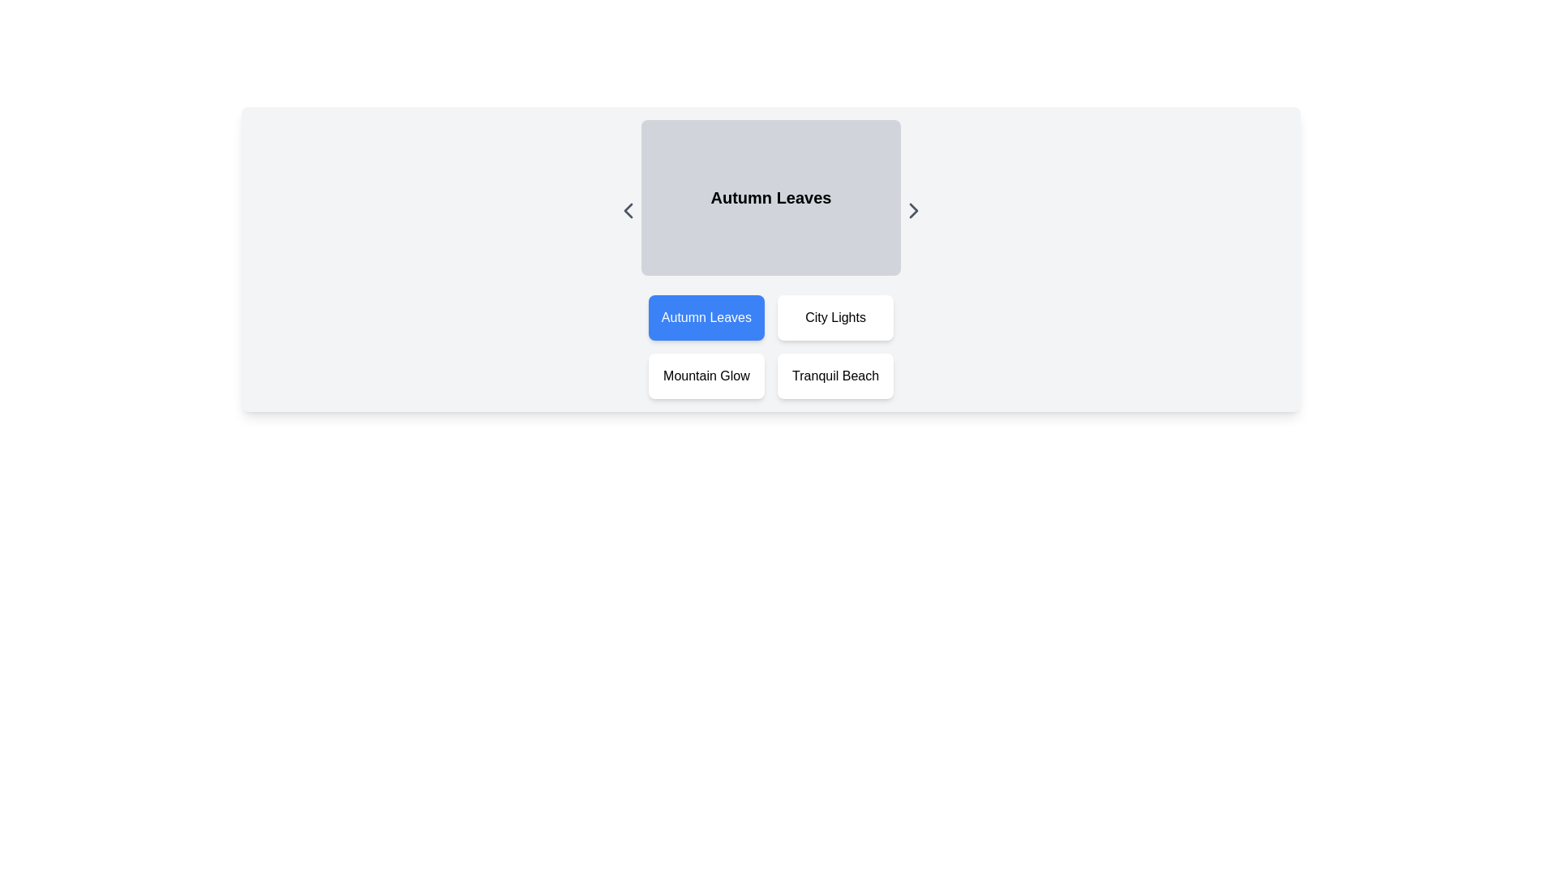 This screenshot has height=876, width=1557. I want to click on the rectangular button with rounded corners and black text reading 'Mountain Glow', so click(706, 376).